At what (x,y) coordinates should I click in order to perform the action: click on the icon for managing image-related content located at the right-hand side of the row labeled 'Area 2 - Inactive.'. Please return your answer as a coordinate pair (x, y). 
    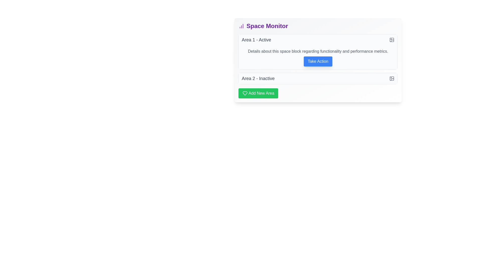
    Looking at the image, I should click on (391, 78).